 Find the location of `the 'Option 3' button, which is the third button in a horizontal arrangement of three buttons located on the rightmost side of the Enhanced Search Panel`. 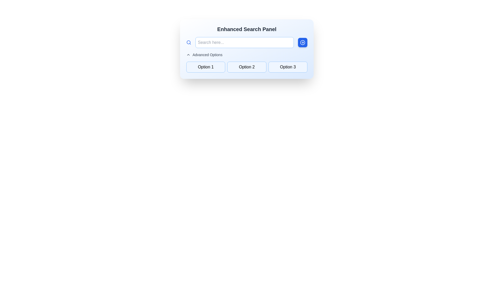

the 'Option 3' button, which is the third button in a horizontal arrangement of three buttons located on the rightmost side of the Enhanced Search Panel is located at coordinates (288, 67).